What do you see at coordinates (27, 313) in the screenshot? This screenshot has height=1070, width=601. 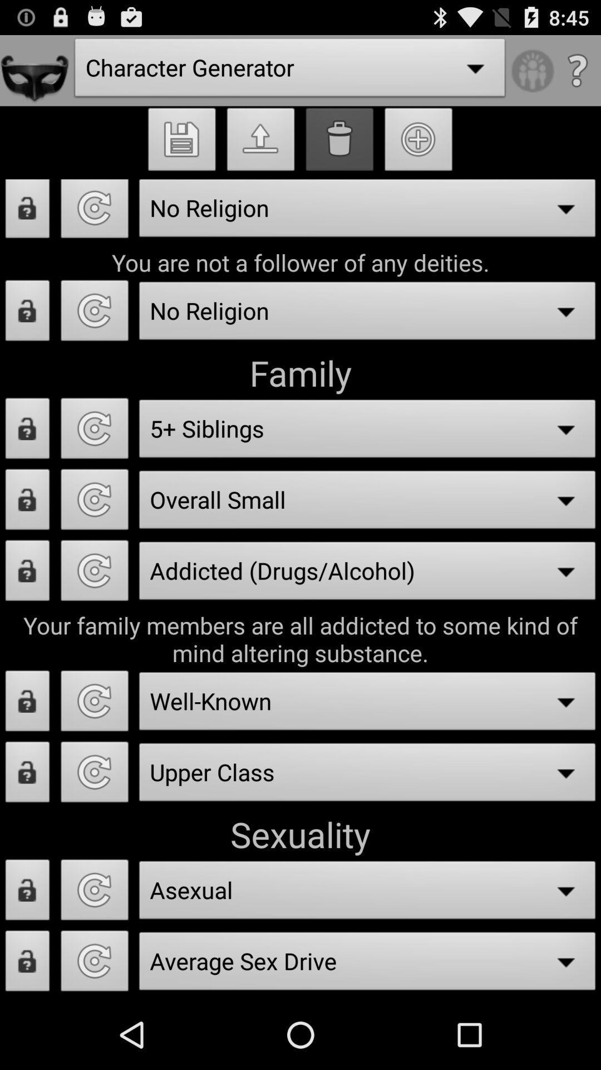 I see `lock option` at bounding box center [27, 313].